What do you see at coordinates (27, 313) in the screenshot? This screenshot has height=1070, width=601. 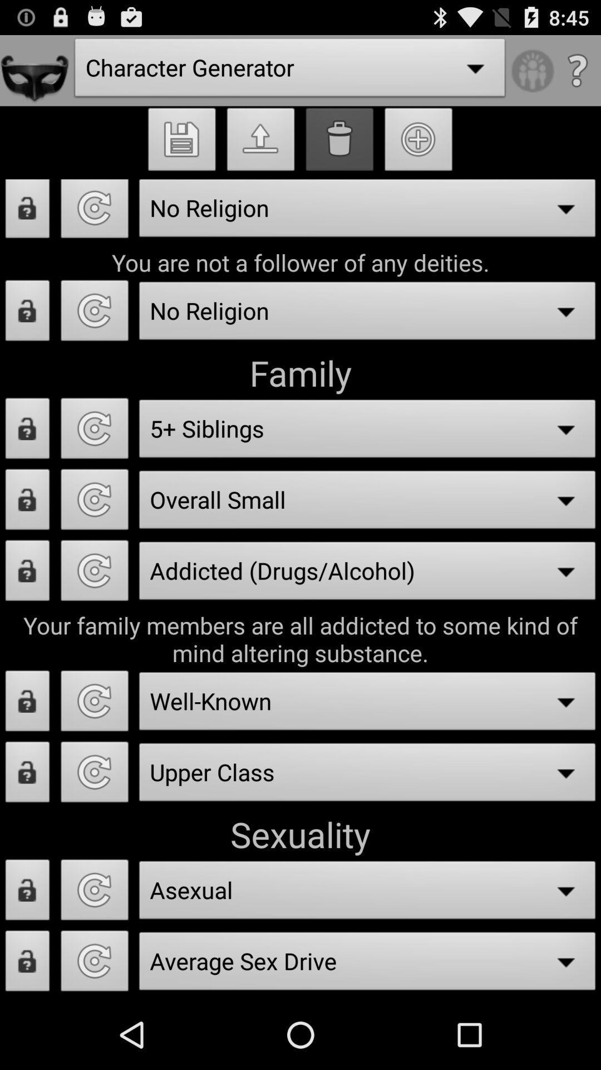 I see `lock option` at bounding box center [27, 313].